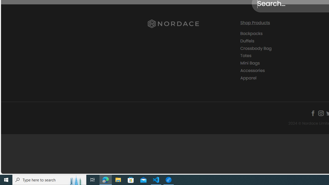 The width and height of the screenshot is (329, 185). Describe the element at coordinates (282, 55) in the screenshot. I see `'Totes'` at that location.